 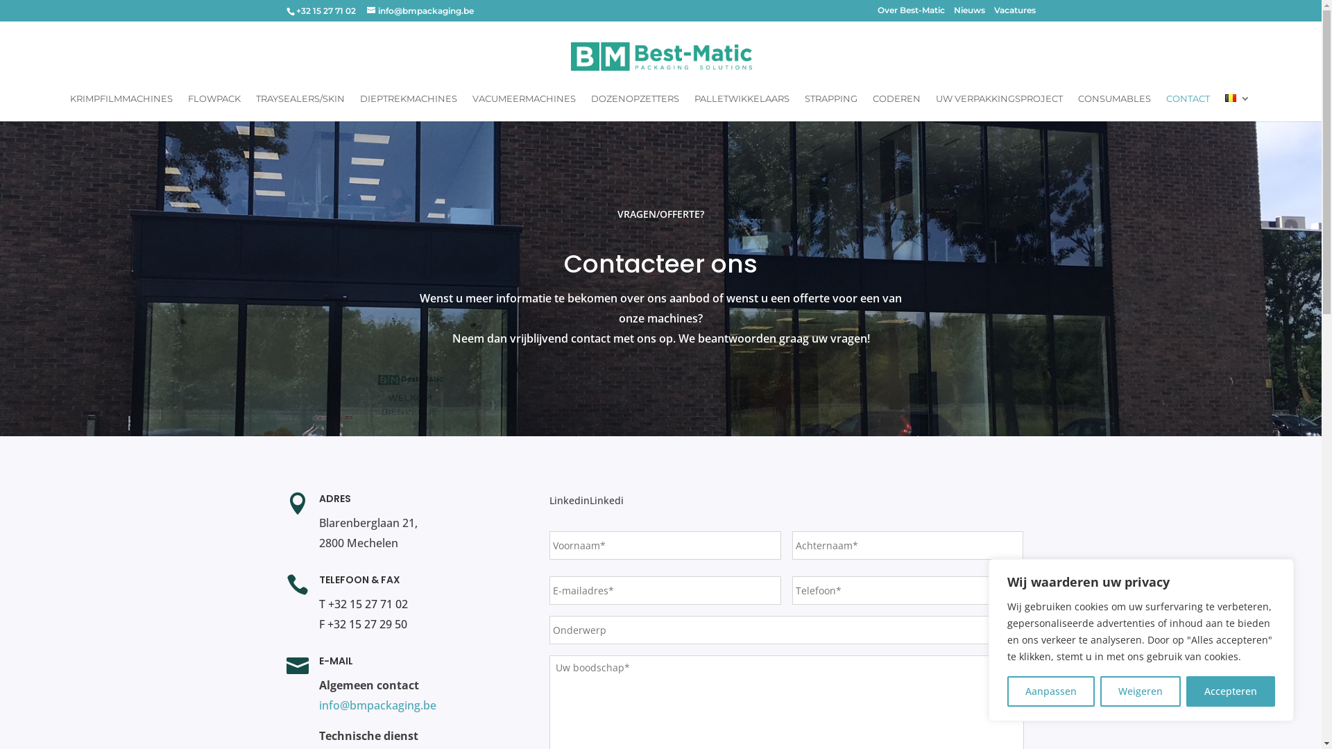 What do you see at coordinates (1185, 691) in the screenshot?
I see `'Accepteren'` at bounding box center [1185, 691].